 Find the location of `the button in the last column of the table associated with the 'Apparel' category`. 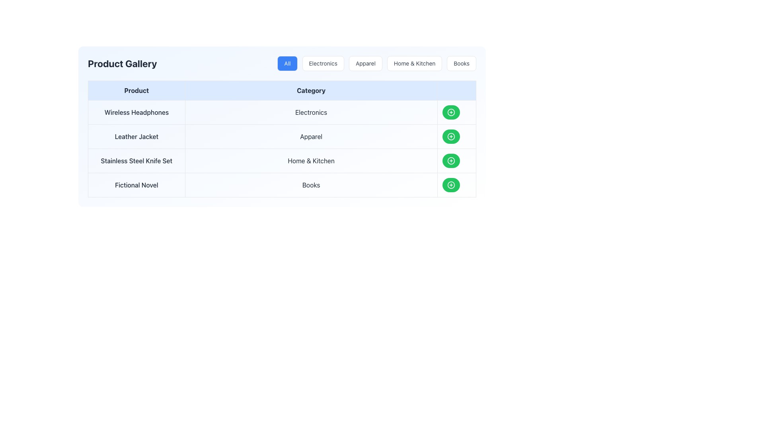

the button in the last column of the table associated with the 'Apparel' category is located at coordinates (451, 136).